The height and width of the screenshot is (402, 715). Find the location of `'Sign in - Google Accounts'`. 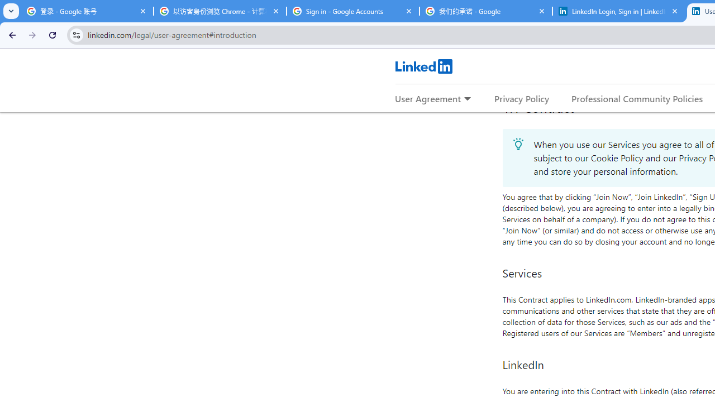

'Sign in - Google Accounts' is located at coordinates (352, 11).